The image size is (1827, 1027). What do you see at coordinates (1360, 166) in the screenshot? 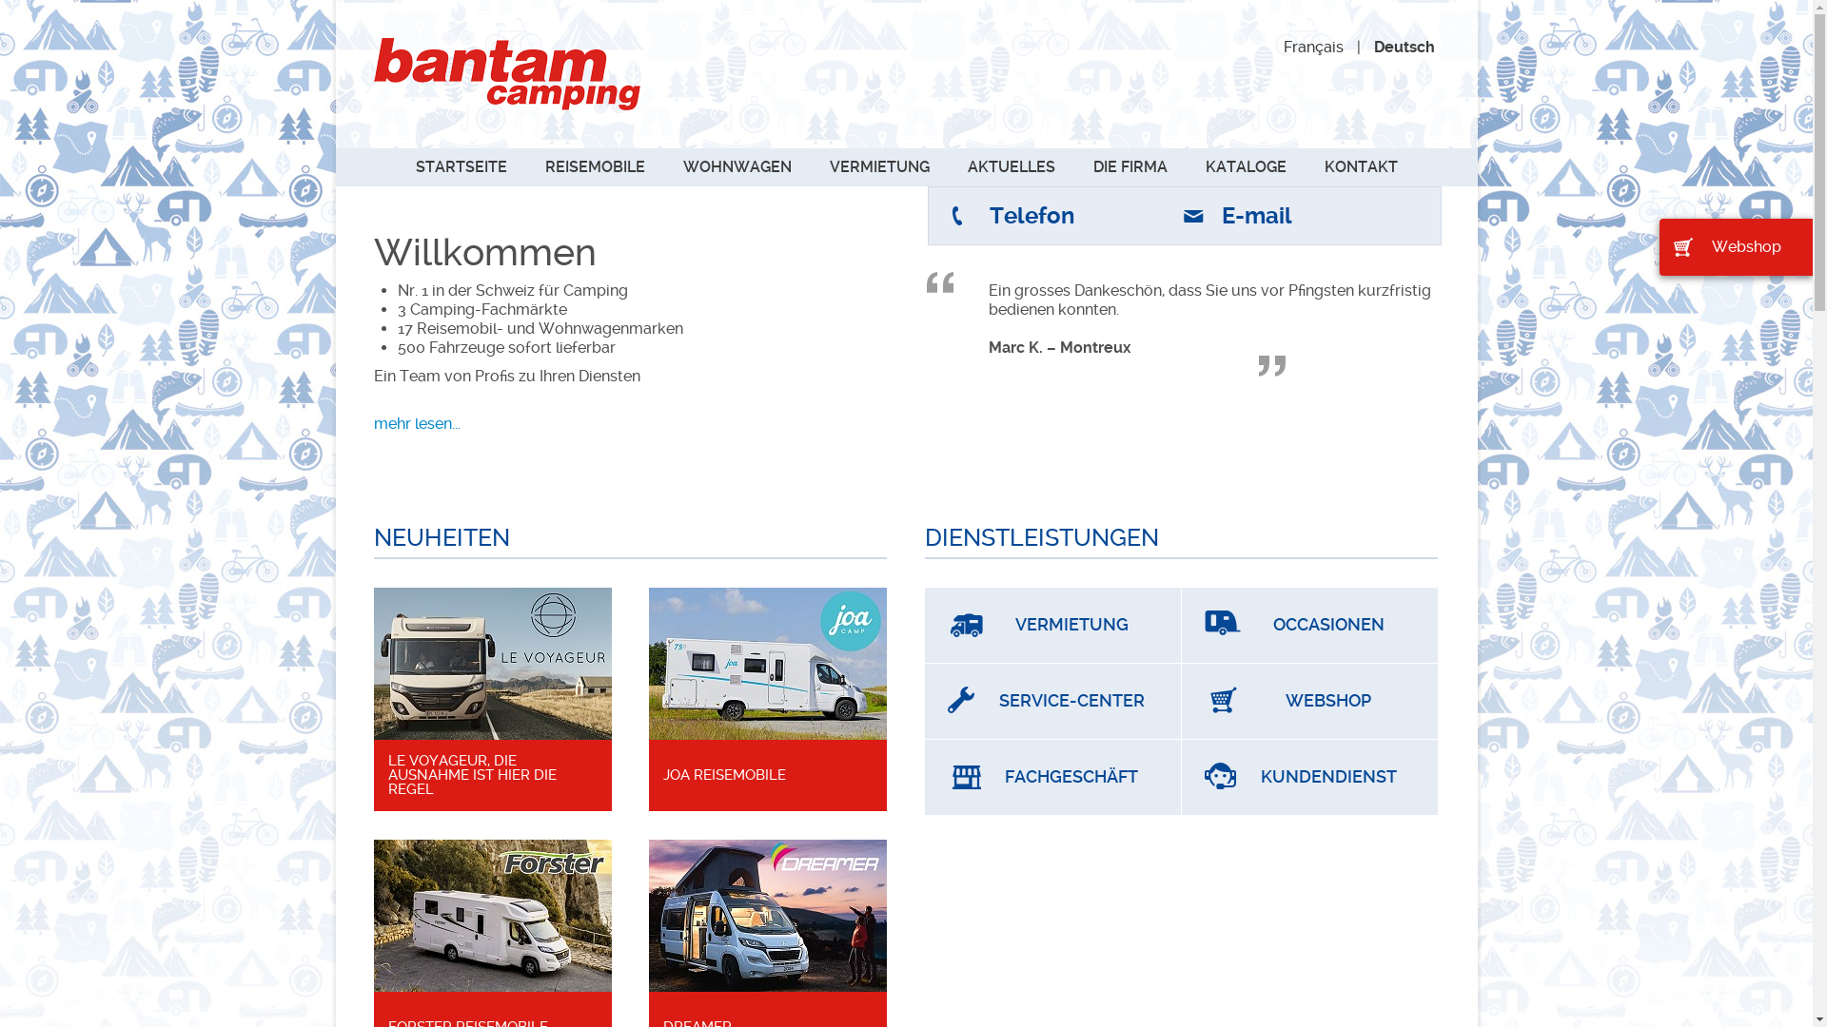
I see `'KONTAKT'` at bounding box center [1360, 166].